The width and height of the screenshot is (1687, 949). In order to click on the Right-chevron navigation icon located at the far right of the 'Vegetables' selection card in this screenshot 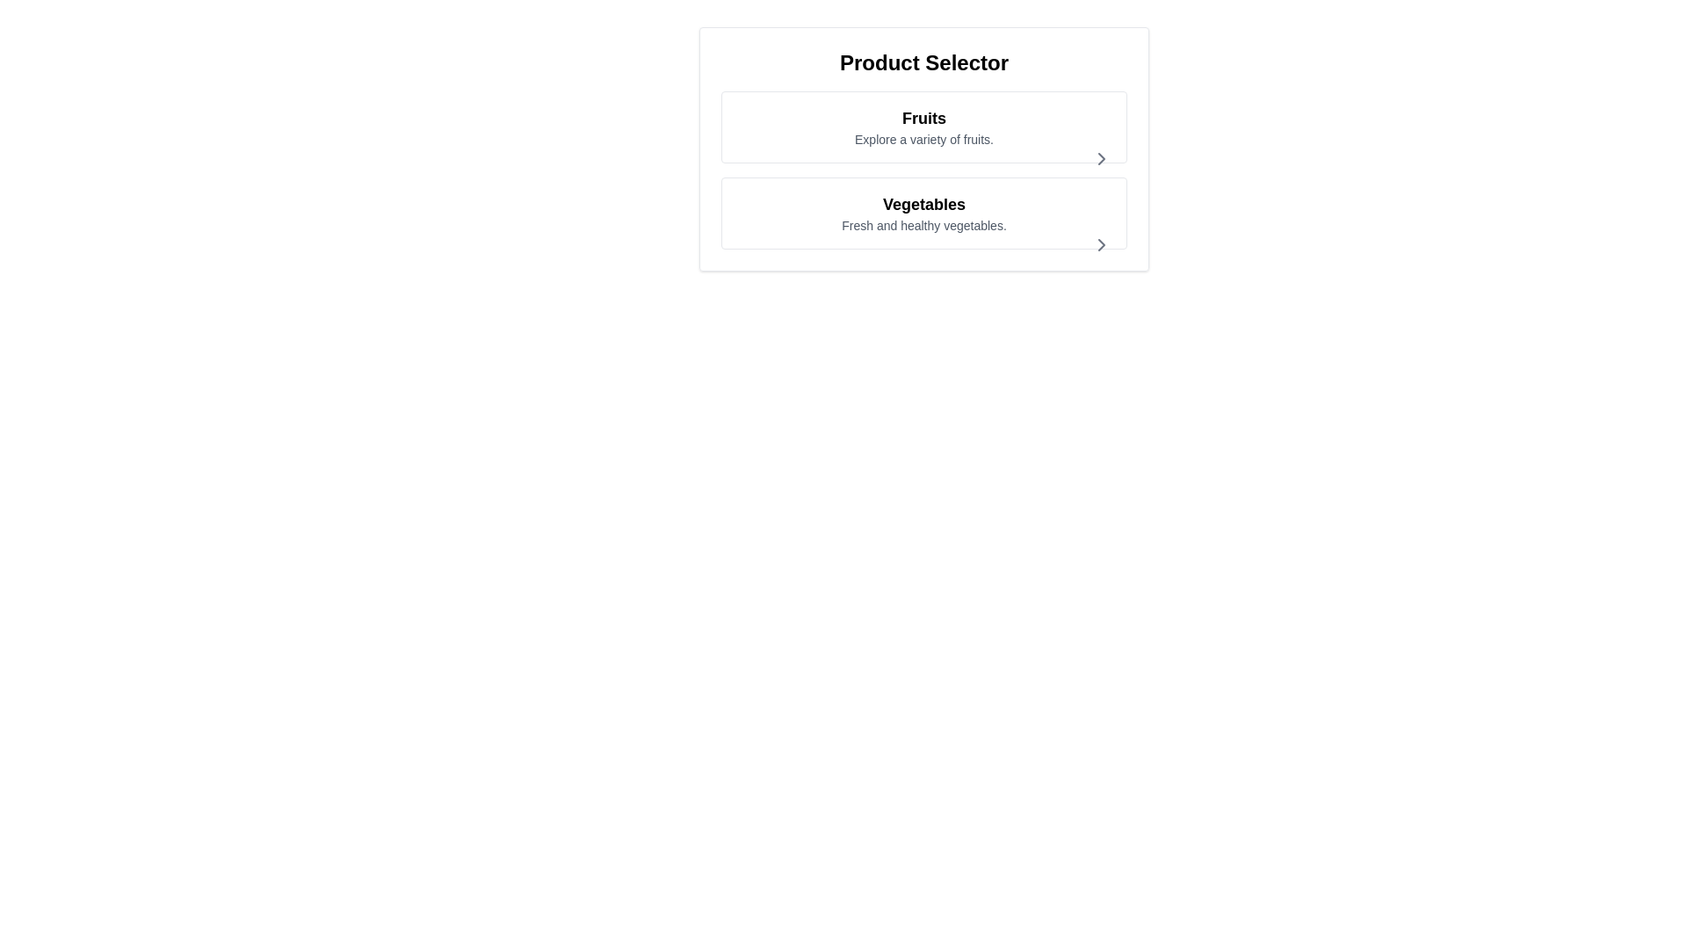, I will do `click(1100, 244)`.